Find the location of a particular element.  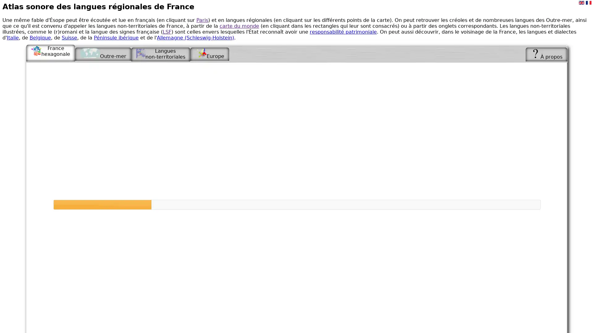

Langues non-territoriales is located at coordinates (160, 54).